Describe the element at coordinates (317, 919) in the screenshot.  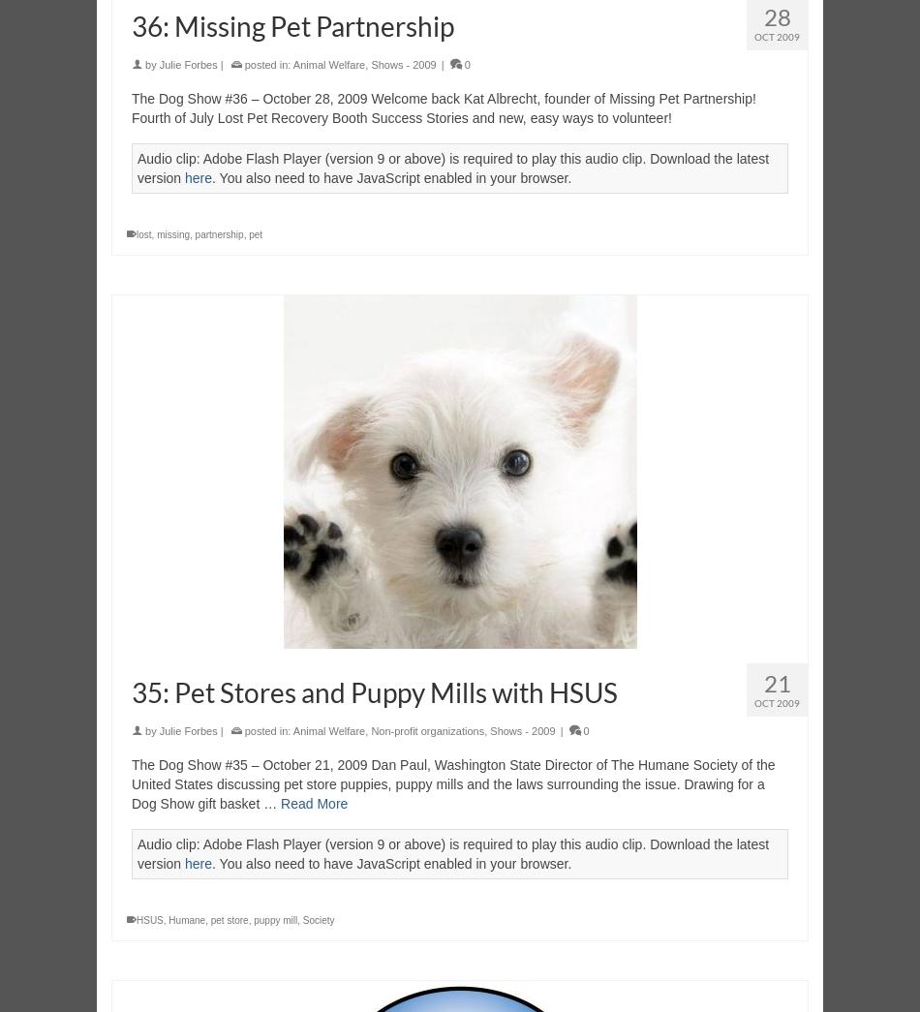
I see `'Society'` at that location.